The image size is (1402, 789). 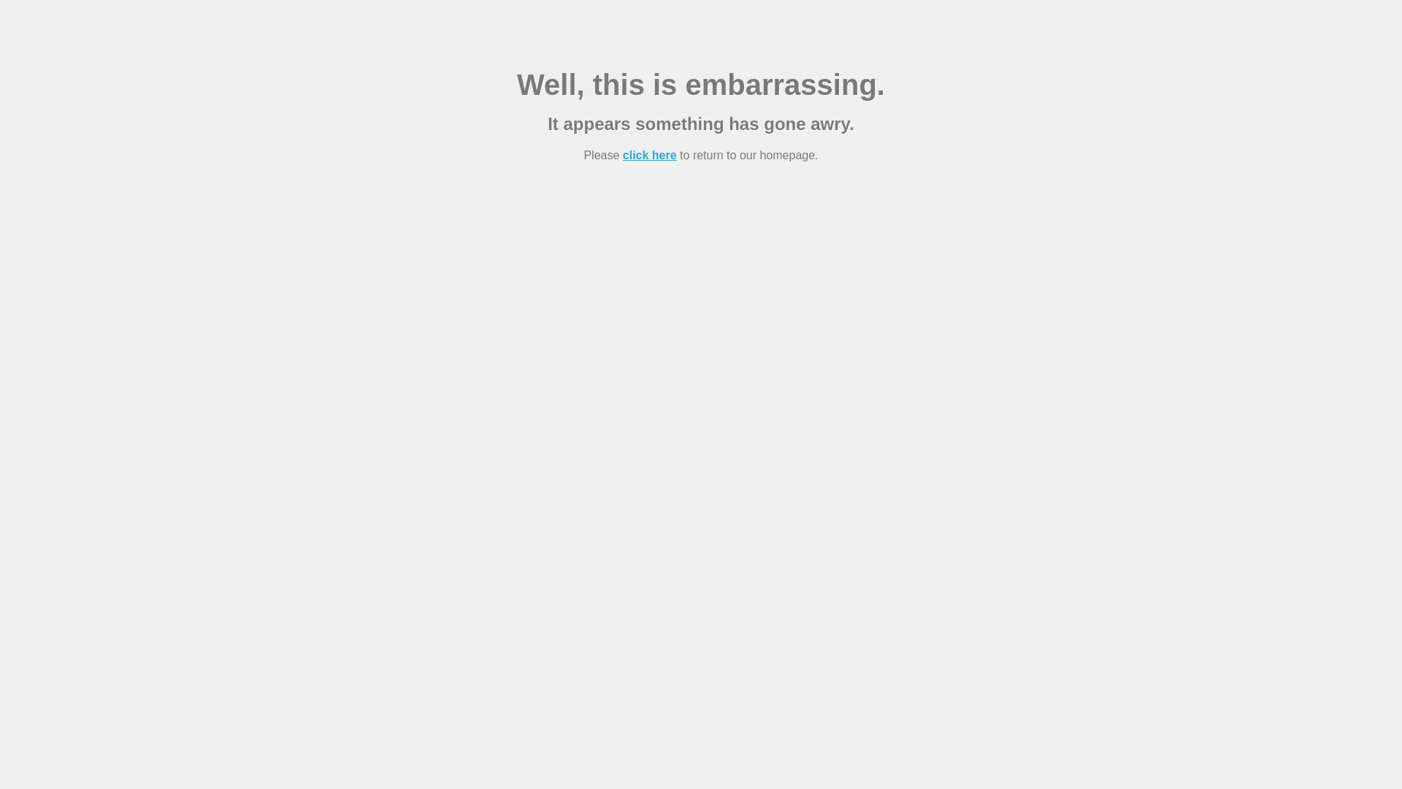 I want to click on 'click here', so click(x=648, y=155).